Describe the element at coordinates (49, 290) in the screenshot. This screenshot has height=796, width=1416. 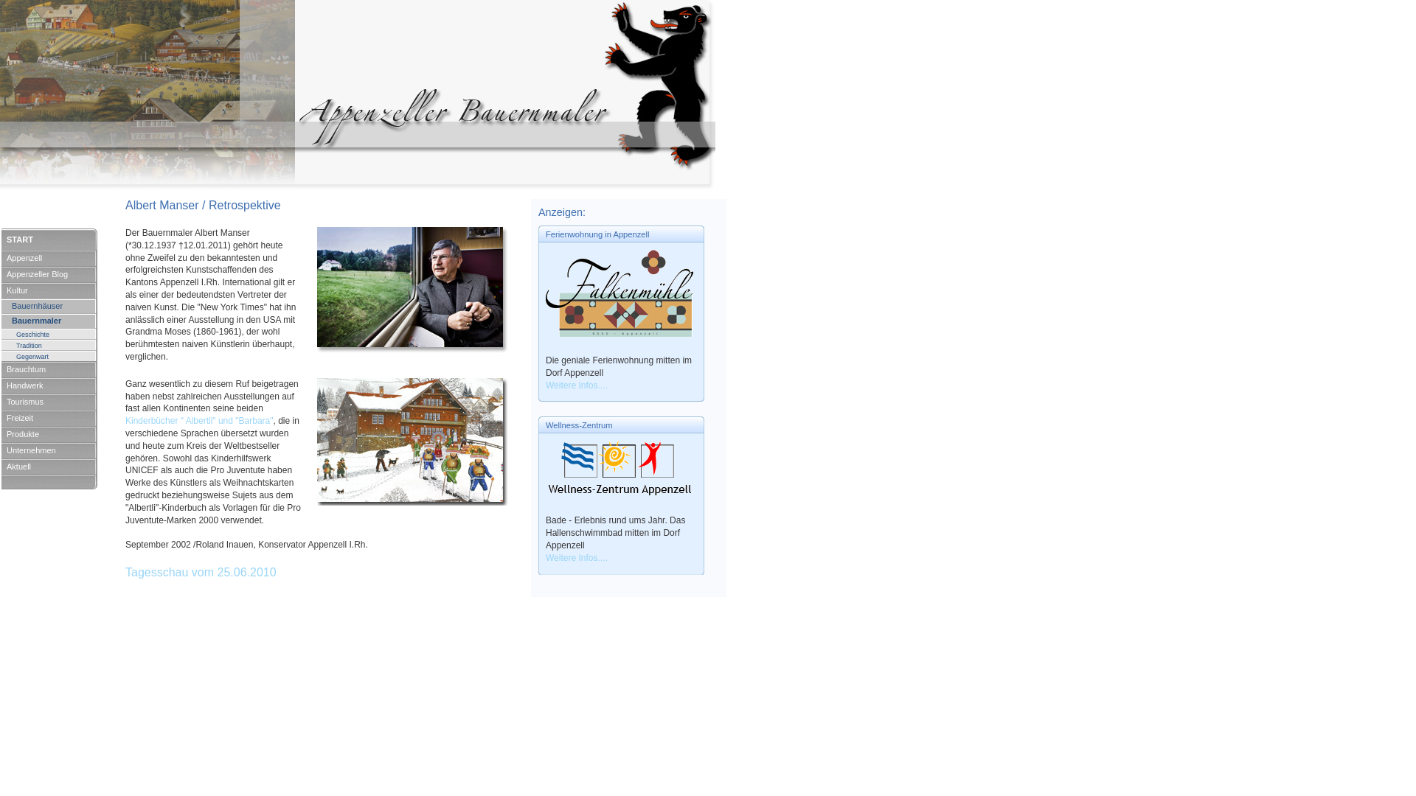
I see `'Kultur'` at that location.